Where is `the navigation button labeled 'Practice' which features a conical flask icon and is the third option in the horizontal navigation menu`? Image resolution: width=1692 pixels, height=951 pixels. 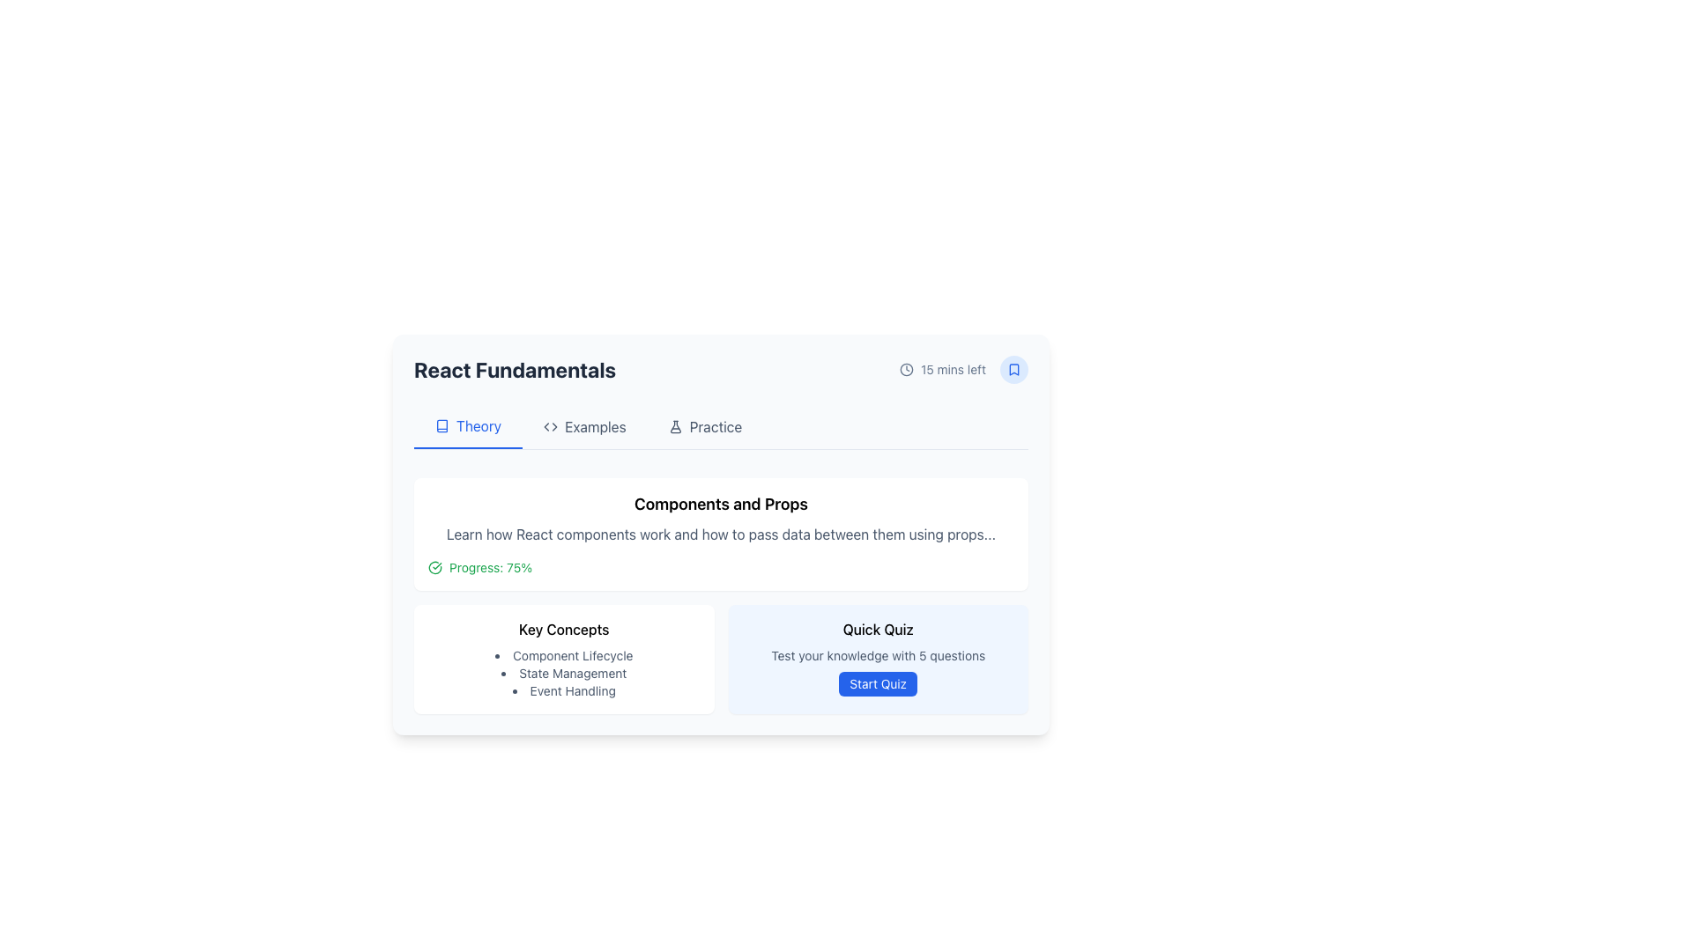 the navigation button labeled 'Practice' which features a conical flask icon and is the third option in the horizontal navigation menu is located at coordinates (705, 427).